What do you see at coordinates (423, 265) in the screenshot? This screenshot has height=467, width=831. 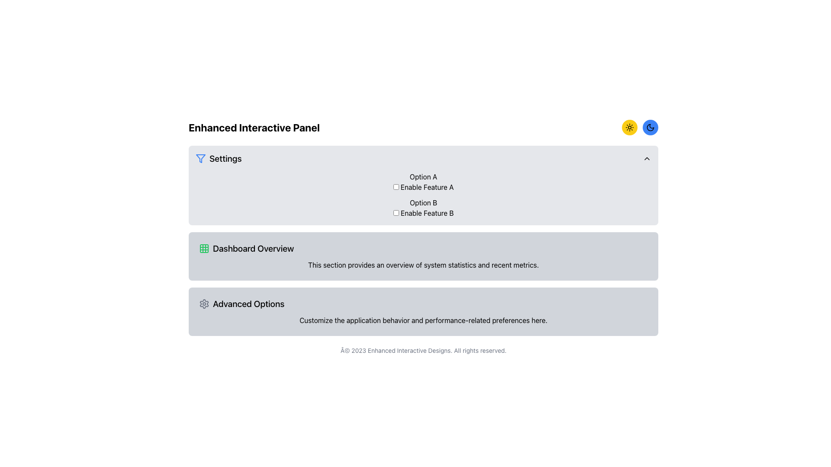 I see `the text label displaying 'This section provides an overview of system statistics and recent metrics.' located beneath the title in the 'Dashboard Overview' section` at bounding box center [423, 265].